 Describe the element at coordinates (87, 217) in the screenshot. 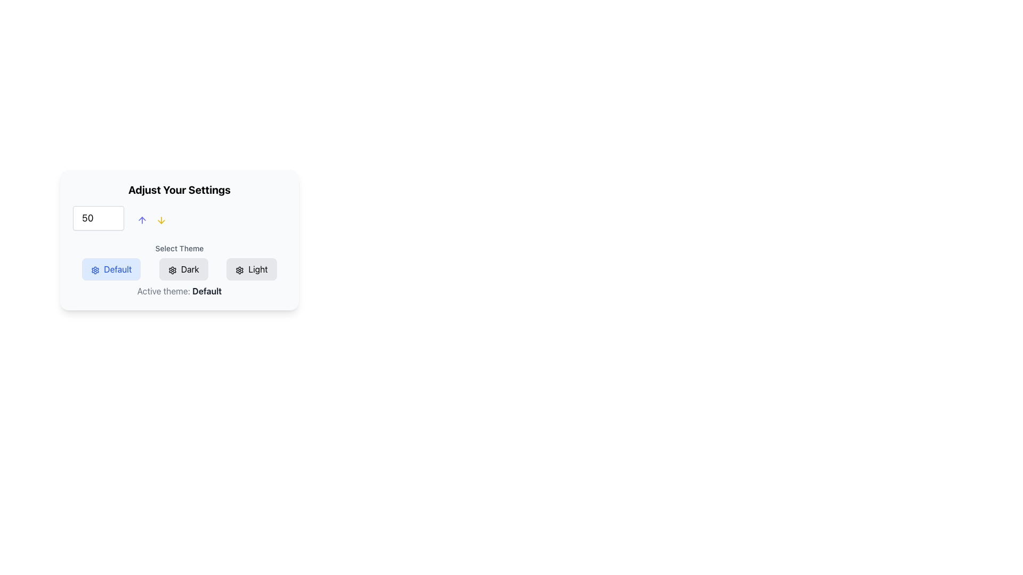

I see `the numeric value display element` at that location.